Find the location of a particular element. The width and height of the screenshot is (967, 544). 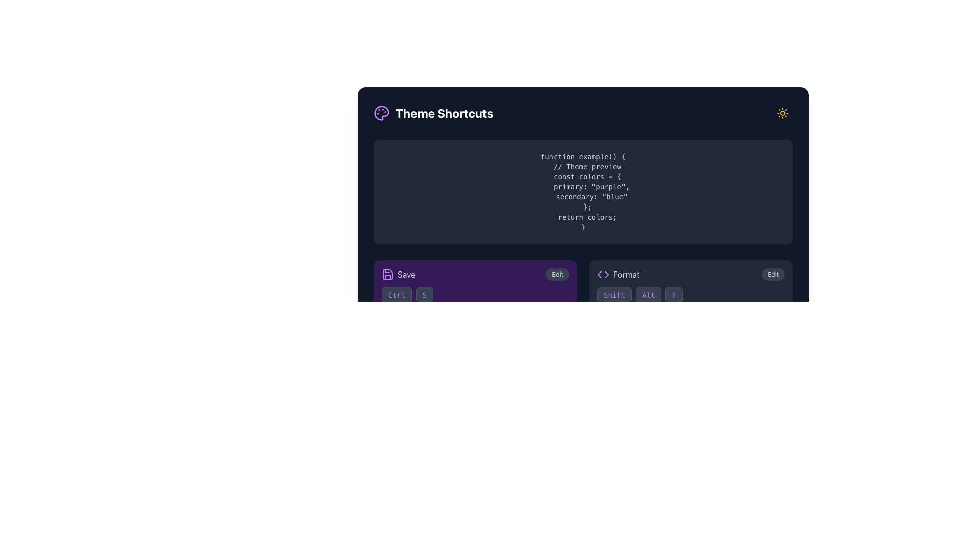

the static text label or heading located towards the top-left quadrant of the interface, which indicates the theme-related functionality of the associated section is located at coordinates (444, 113).